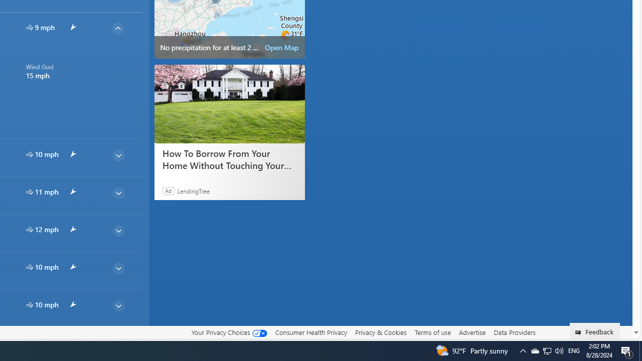  Describe the element at coordinates (580, 332) in the screenshot. I see `'Class: feedback_link_icon-DS-EntryPoint1-1'` at that location.